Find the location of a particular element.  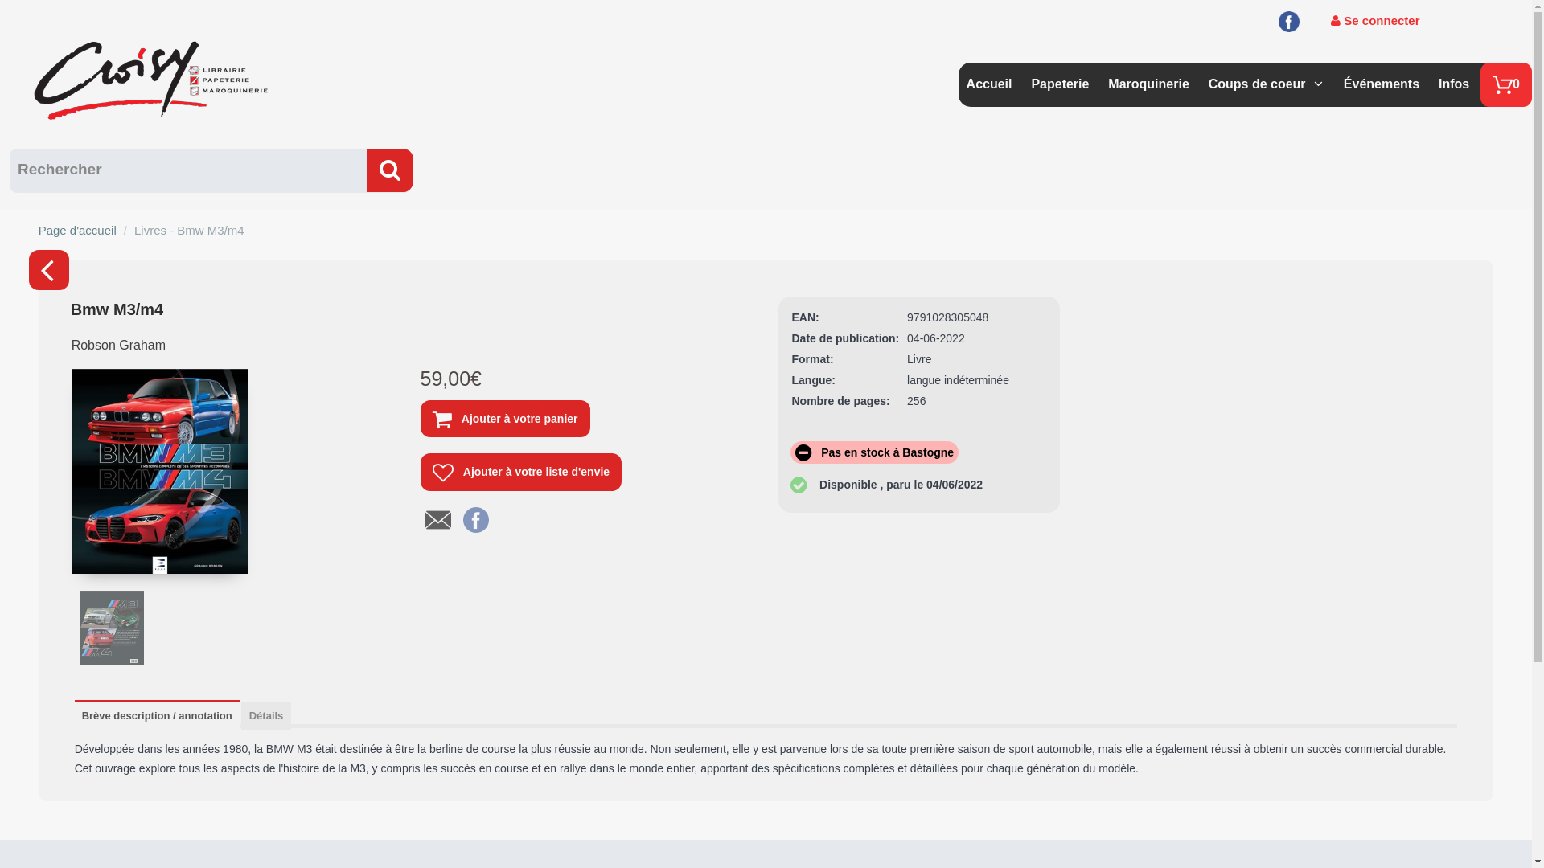

'Accueil' is located at coordinates (988, 78).